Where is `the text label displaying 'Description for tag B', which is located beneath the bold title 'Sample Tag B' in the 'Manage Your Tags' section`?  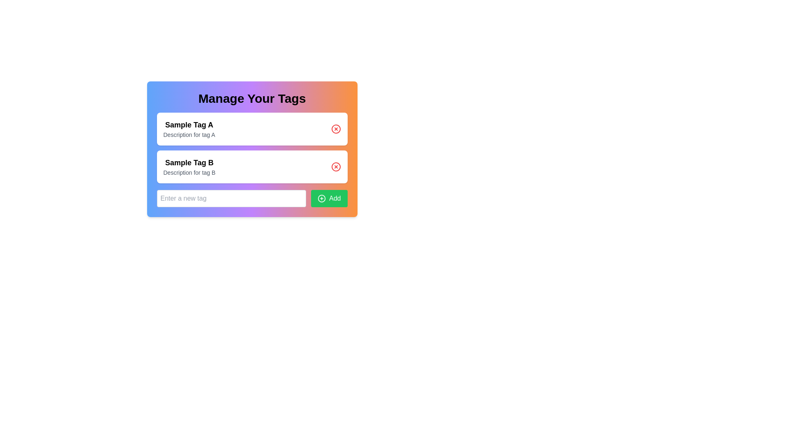 the text label displaying 'Description for tag B', which is located beneath the bold title 'Sample Tag B' in the 'Manage Your Tags' section is located at coordinates (189, 172).